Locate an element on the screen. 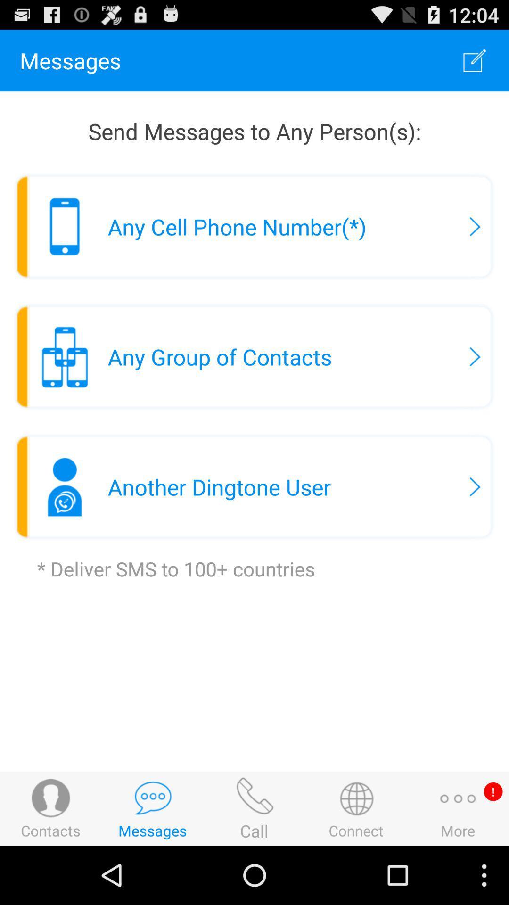  to type message is located at coordinates (475, 60).